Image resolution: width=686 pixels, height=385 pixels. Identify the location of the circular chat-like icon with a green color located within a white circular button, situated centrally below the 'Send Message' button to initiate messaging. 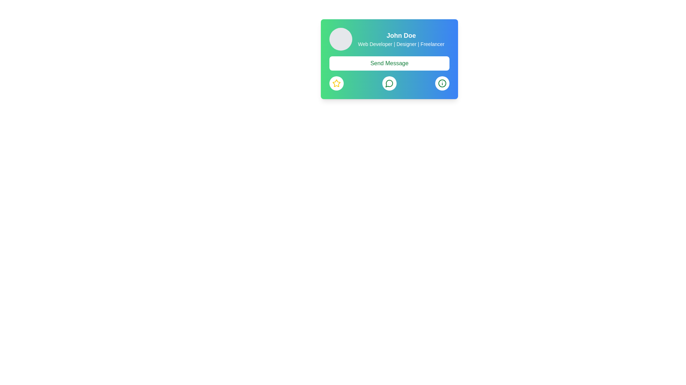
(389, 83).